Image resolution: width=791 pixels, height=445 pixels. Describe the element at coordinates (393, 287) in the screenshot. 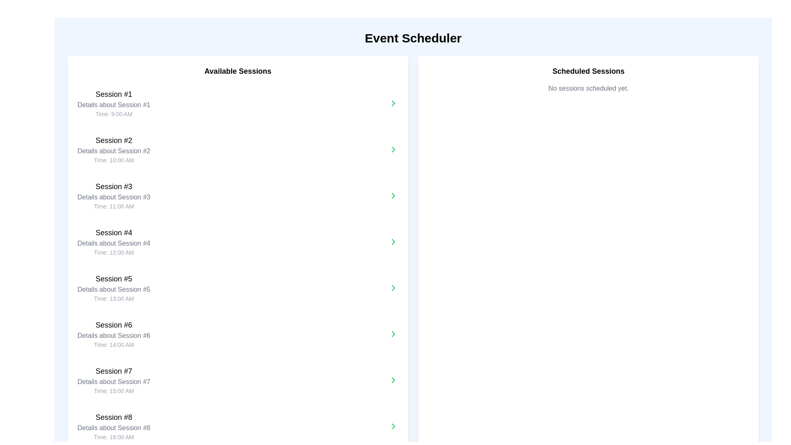

I see `the navigational button for 'Session #5' in the 'Available Sessions' column` at that location.